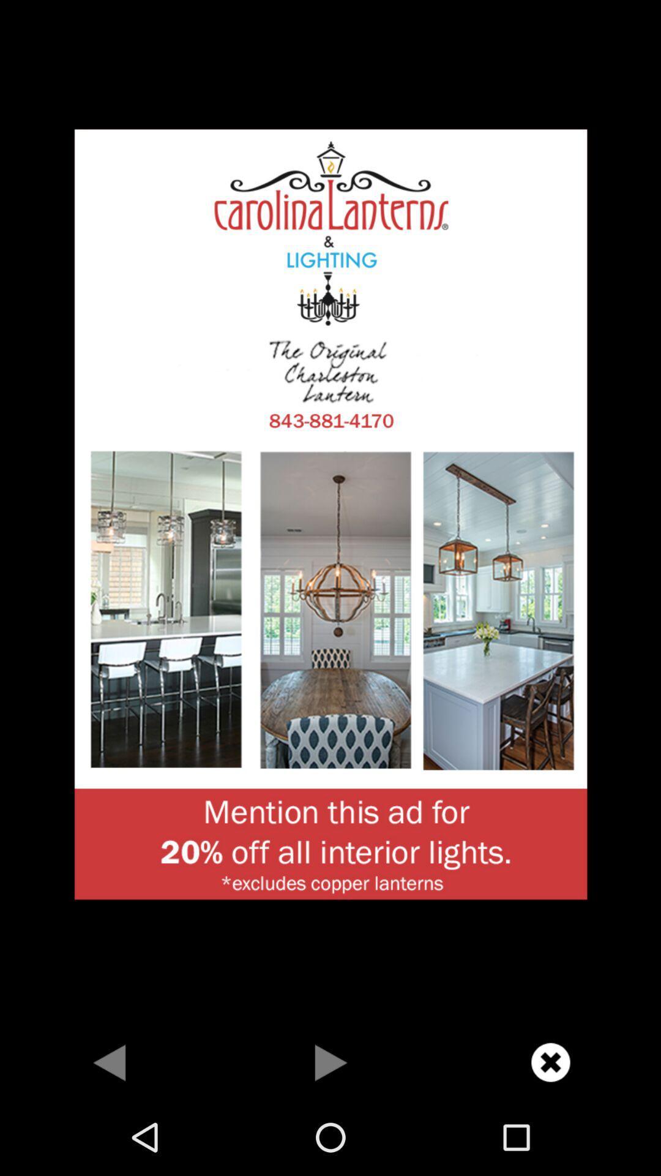 The width and height of the screenshot is (661, 1176). I want to click on next, so click(330, 1061).